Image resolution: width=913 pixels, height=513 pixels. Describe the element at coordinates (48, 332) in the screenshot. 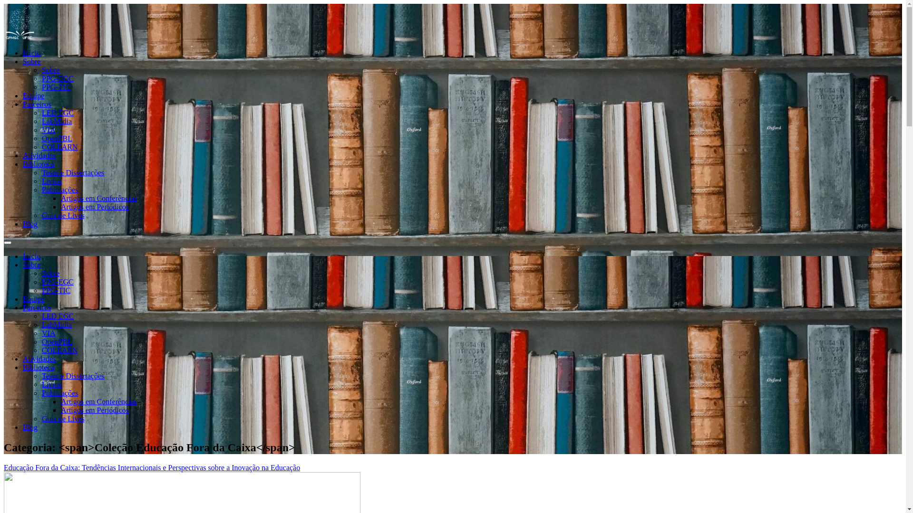

I see `'VIA'` at that location.